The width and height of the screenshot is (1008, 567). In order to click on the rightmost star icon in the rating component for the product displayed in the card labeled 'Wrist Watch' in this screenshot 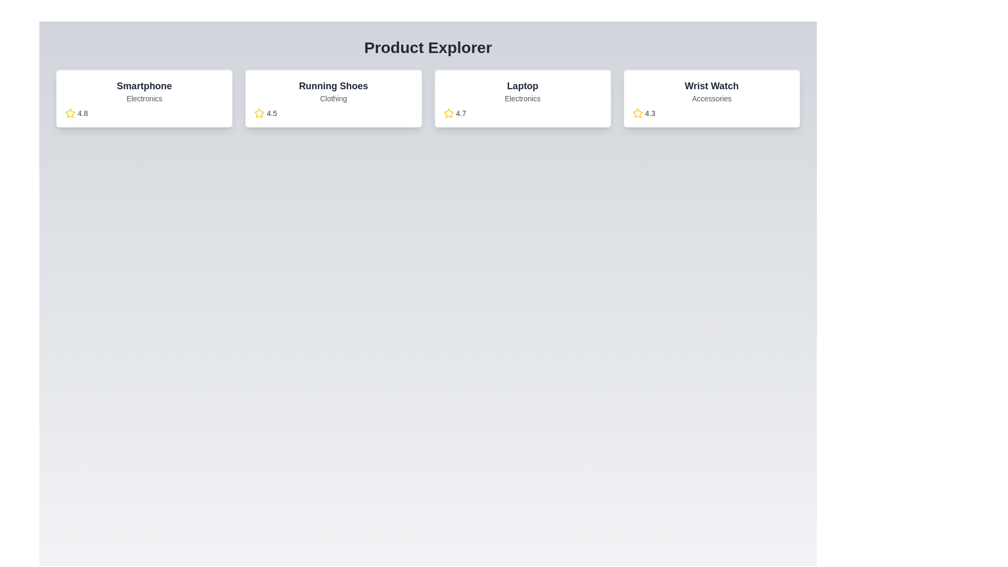, I will do `click(637, 113)`.